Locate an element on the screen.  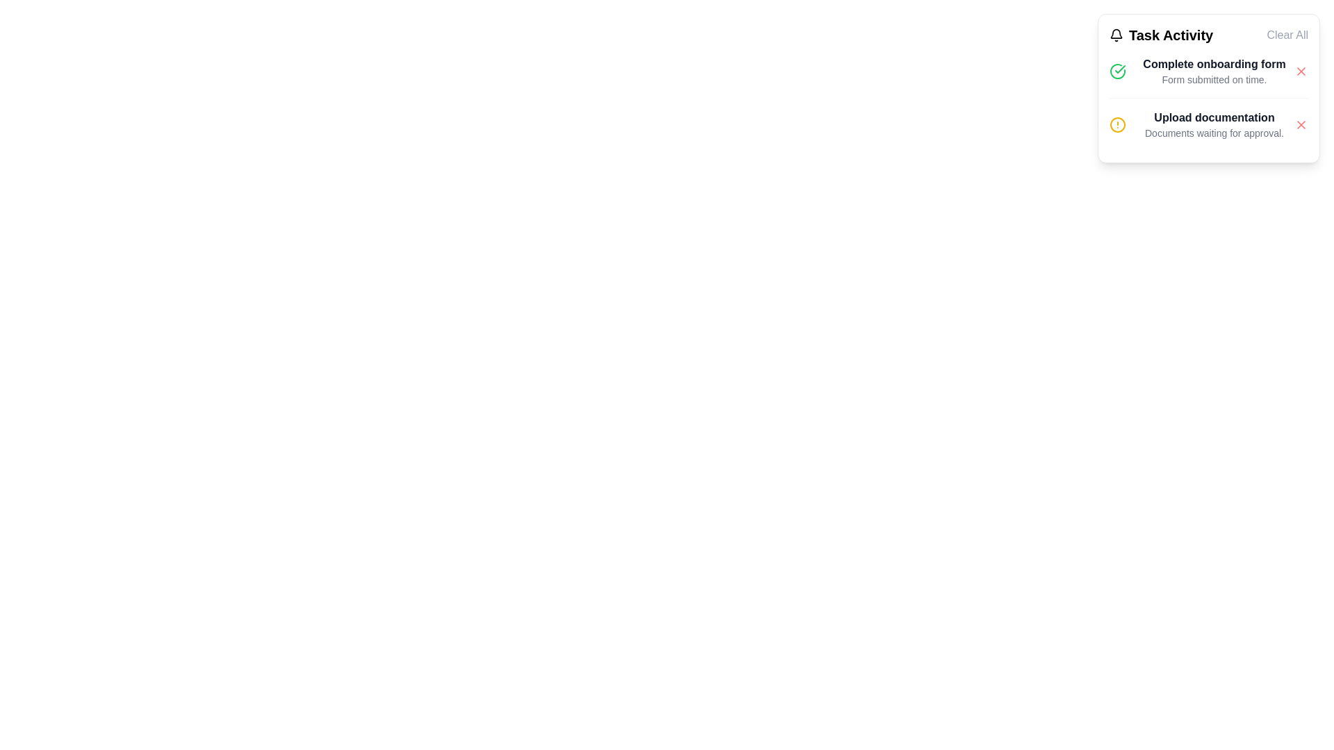
the text label displaying 'Complete onboarding form' in the 'Task Activity' section is located at coordinates (1213, 64).